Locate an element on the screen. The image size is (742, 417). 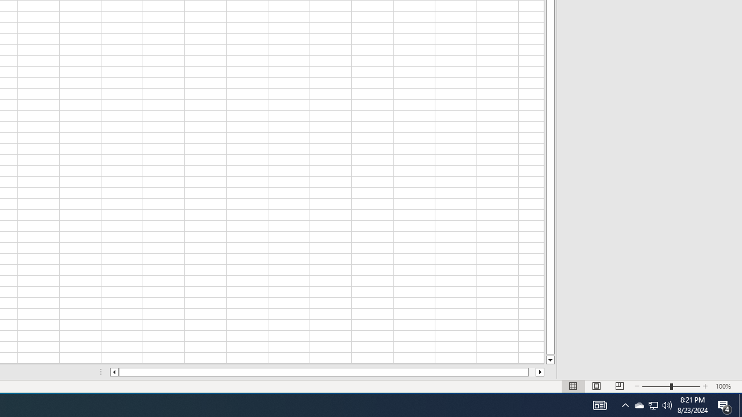
'Action Center, 4 new notifications' is located at coordinates (725, 404).